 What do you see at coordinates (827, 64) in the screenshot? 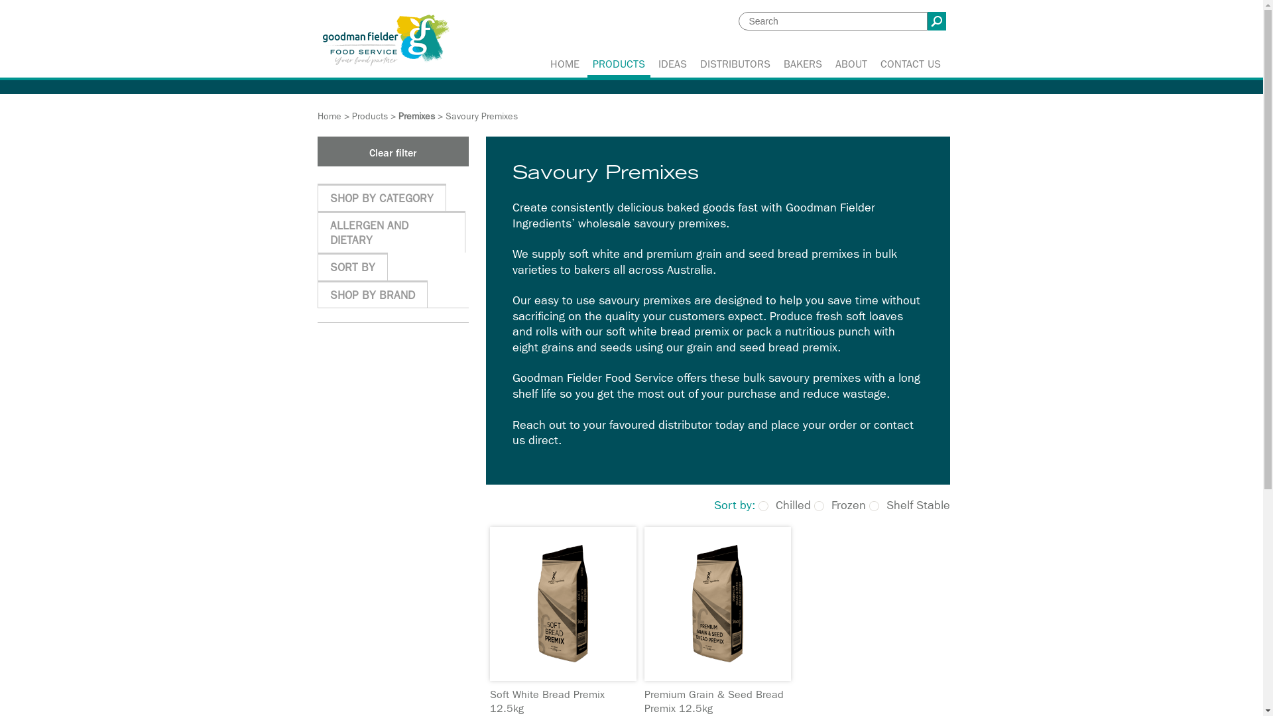
I see `'ABOUT'` at bounding box center [827, 64].